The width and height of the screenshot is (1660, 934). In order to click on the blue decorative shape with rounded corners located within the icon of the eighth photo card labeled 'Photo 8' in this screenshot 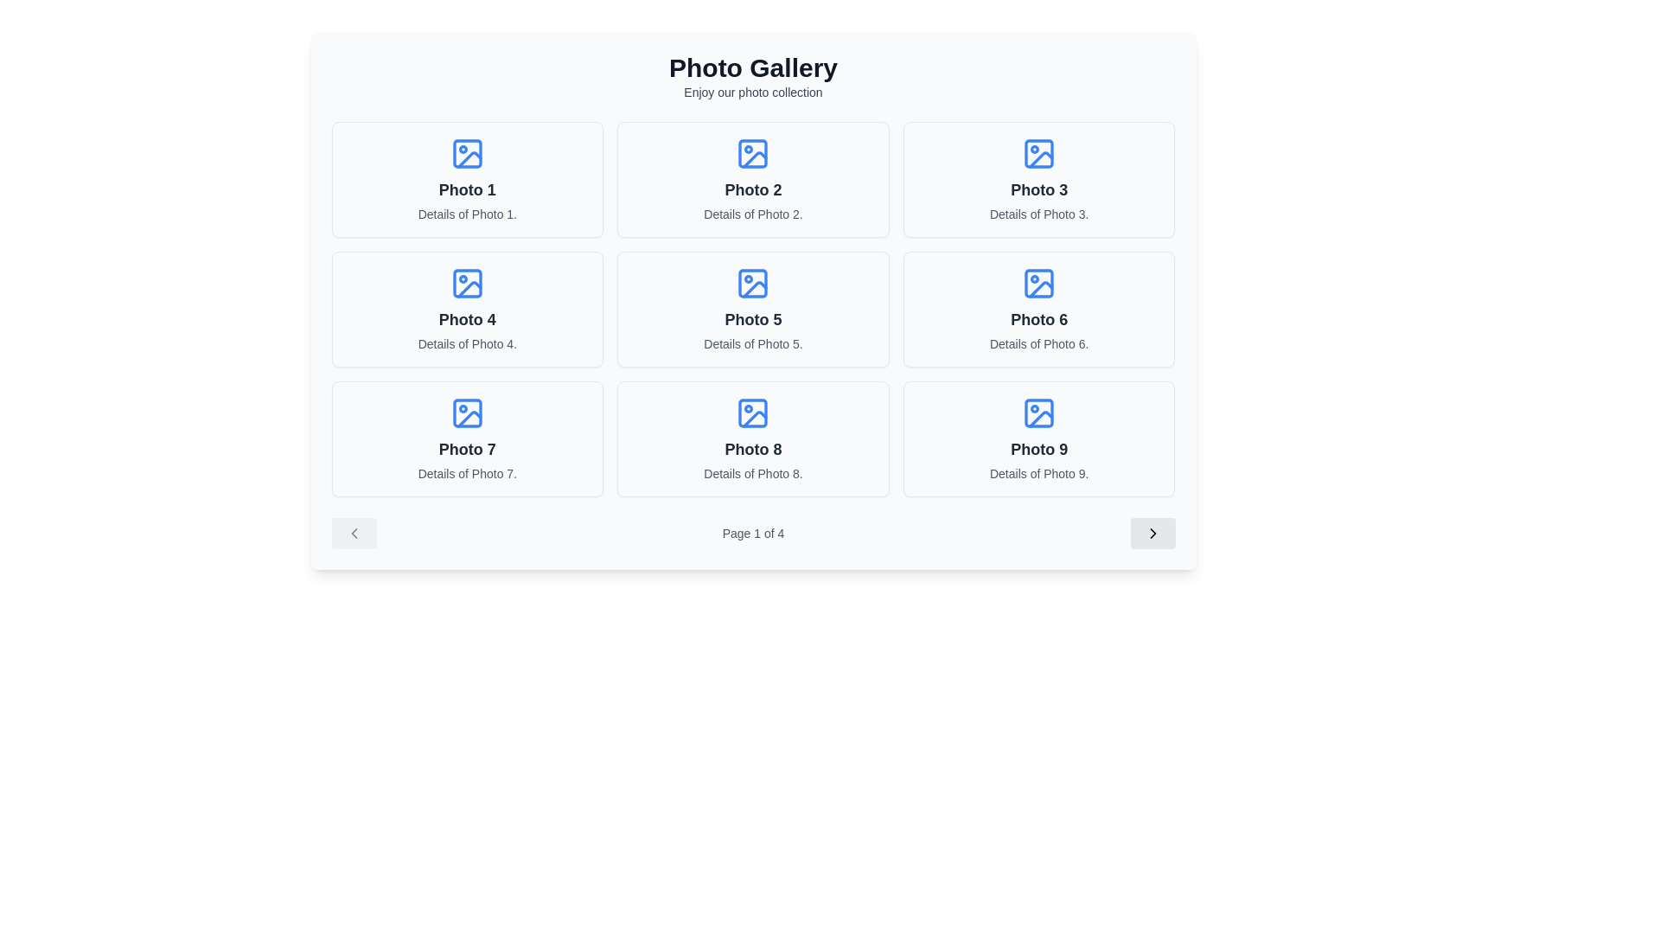, I will do `click(753, 413)`.